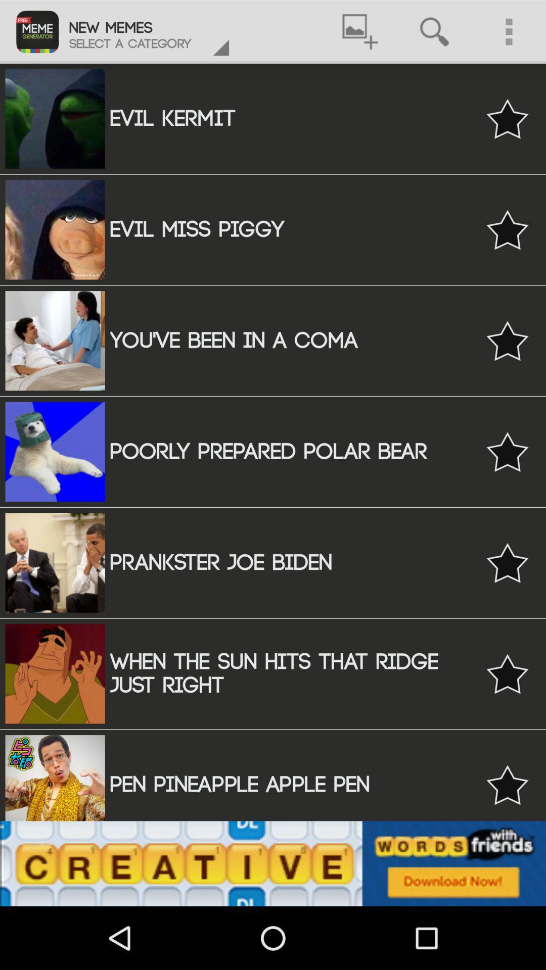  What do you see at coordinates (507, 562) in the screenshot?
I see `star button` at bounding box center [507, 562].